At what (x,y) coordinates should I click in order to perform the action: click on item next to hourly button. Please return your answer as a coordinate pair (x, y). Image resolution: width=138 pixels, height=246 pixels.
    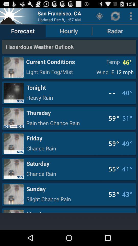
    Looking at the image, I should click on (99, 16).